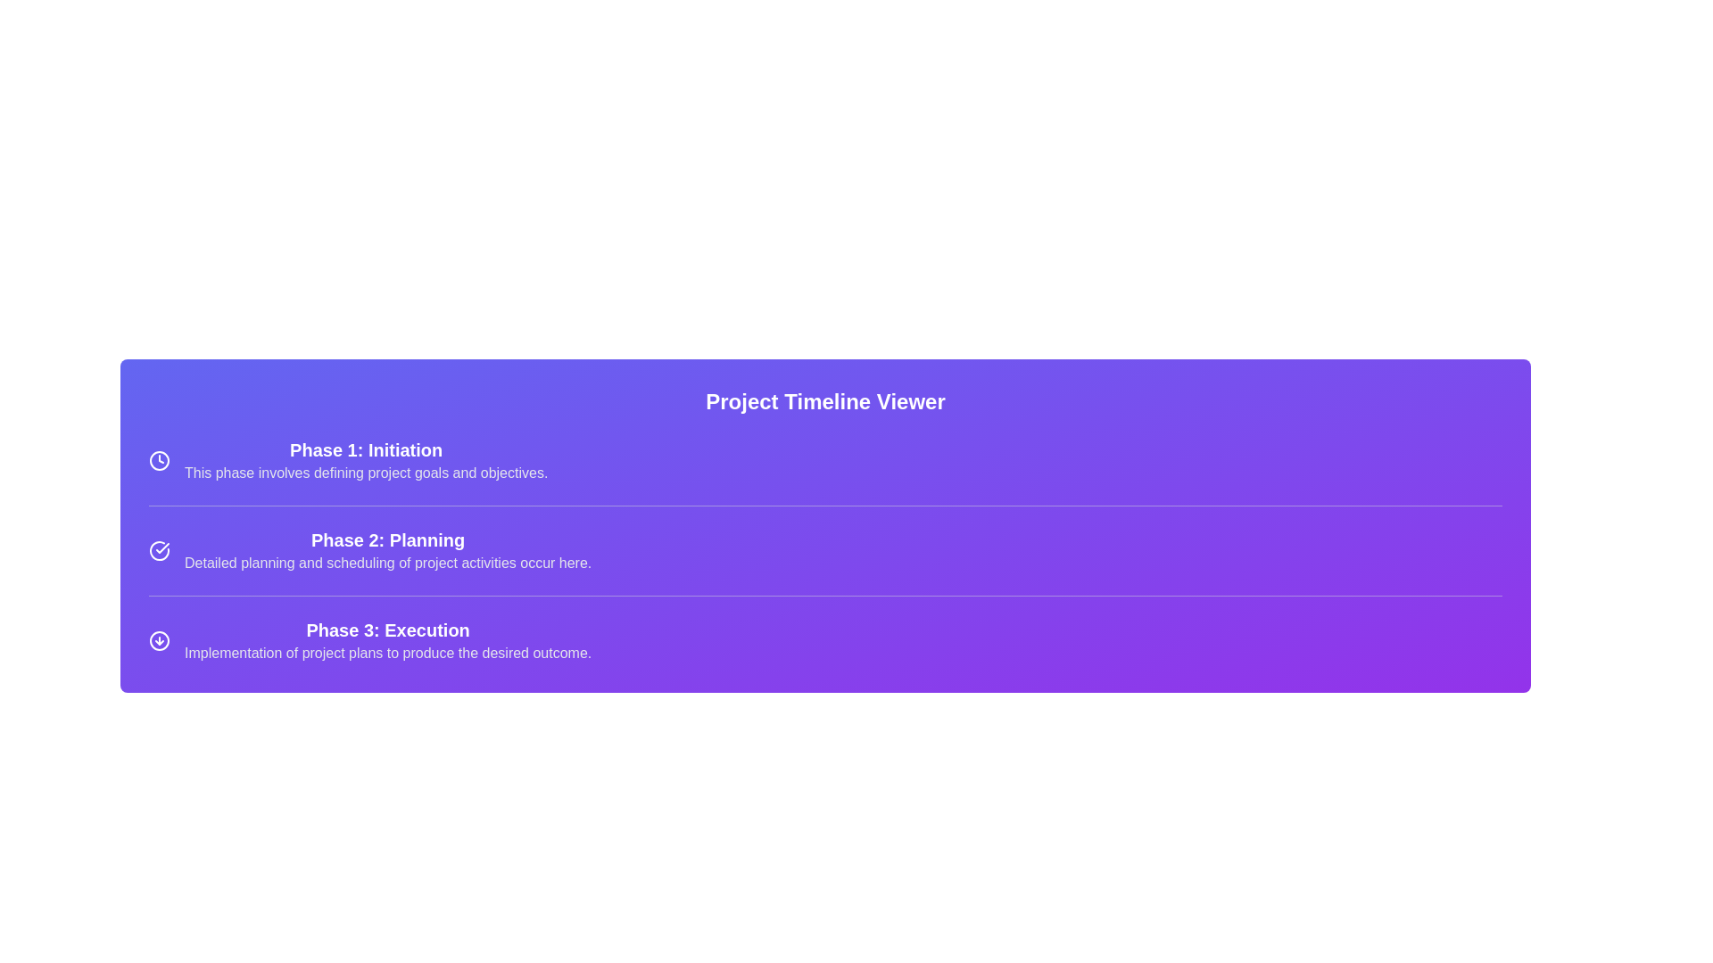 This screenshot has height=963, width=1713. What do you see at coordinates (387, 549) in the screenshot?
I see `information contained in the informational block titled 'Phase 2: Planning', which includes details about project activities scheduling` at bounding box center [387, 549].